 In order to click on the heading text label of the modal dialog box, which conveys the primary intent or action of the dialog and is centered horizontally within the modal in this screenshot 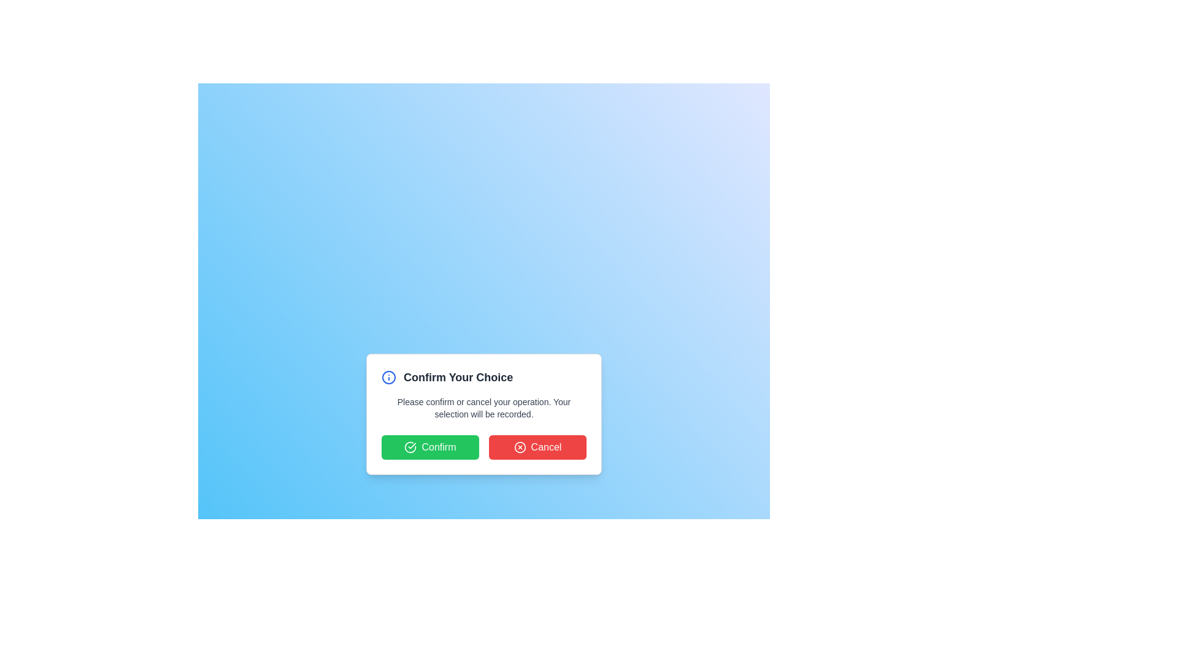, I will do `click(458, 377)`.